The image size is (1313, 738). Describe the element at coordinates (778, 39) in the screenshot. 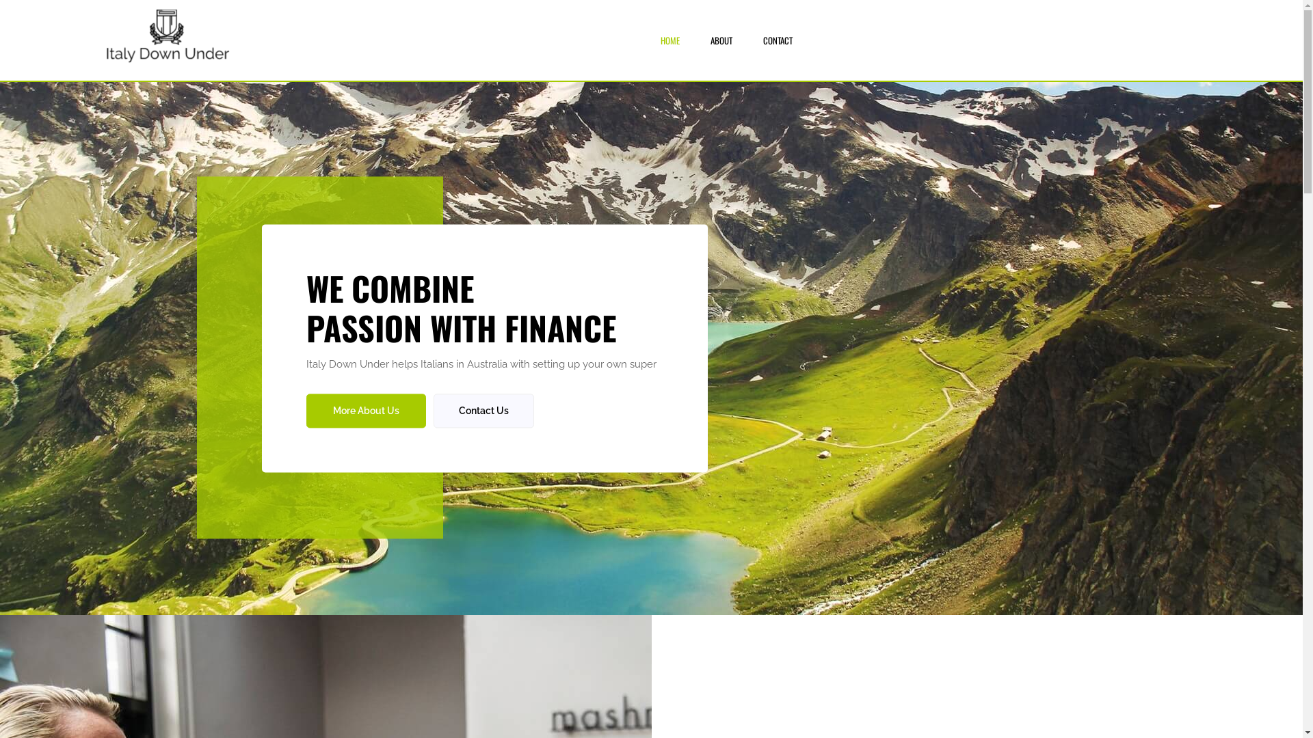

I see `'CONTACT'` at that location.